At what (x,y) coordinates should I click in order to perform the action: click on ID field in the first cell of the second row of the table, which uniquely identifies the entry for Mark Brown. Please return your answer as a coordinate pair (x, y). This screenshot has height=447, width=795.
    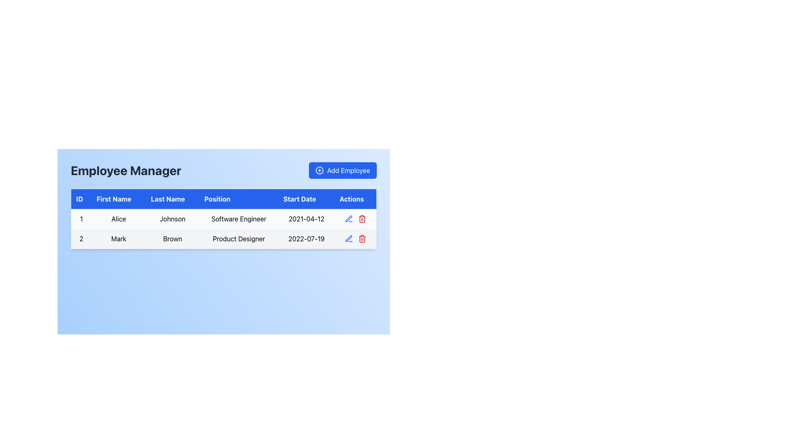
    Looking at the image, I should click on (81, 239).